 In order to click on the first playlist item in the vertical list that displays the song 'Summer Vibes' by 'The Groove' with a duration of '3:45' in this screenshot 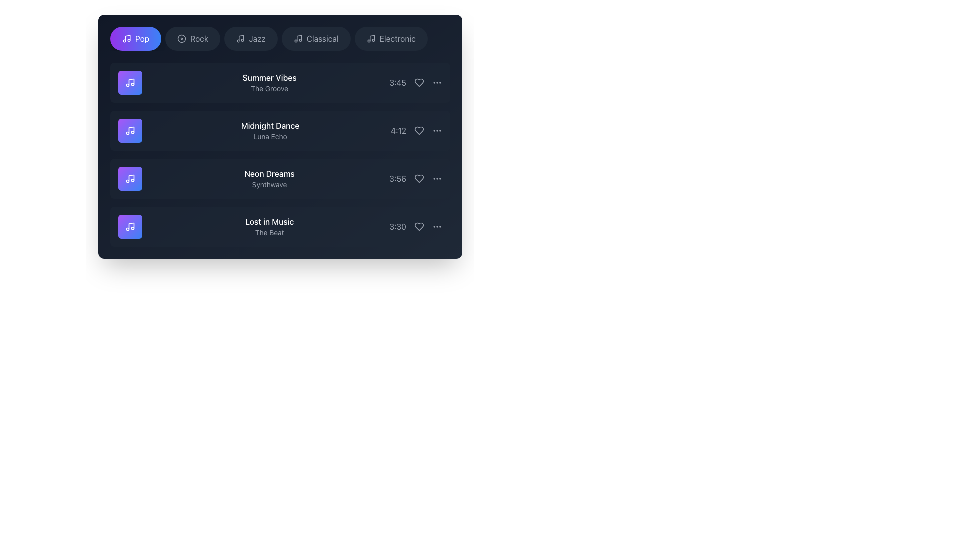, I will do `click(279, 82)`.